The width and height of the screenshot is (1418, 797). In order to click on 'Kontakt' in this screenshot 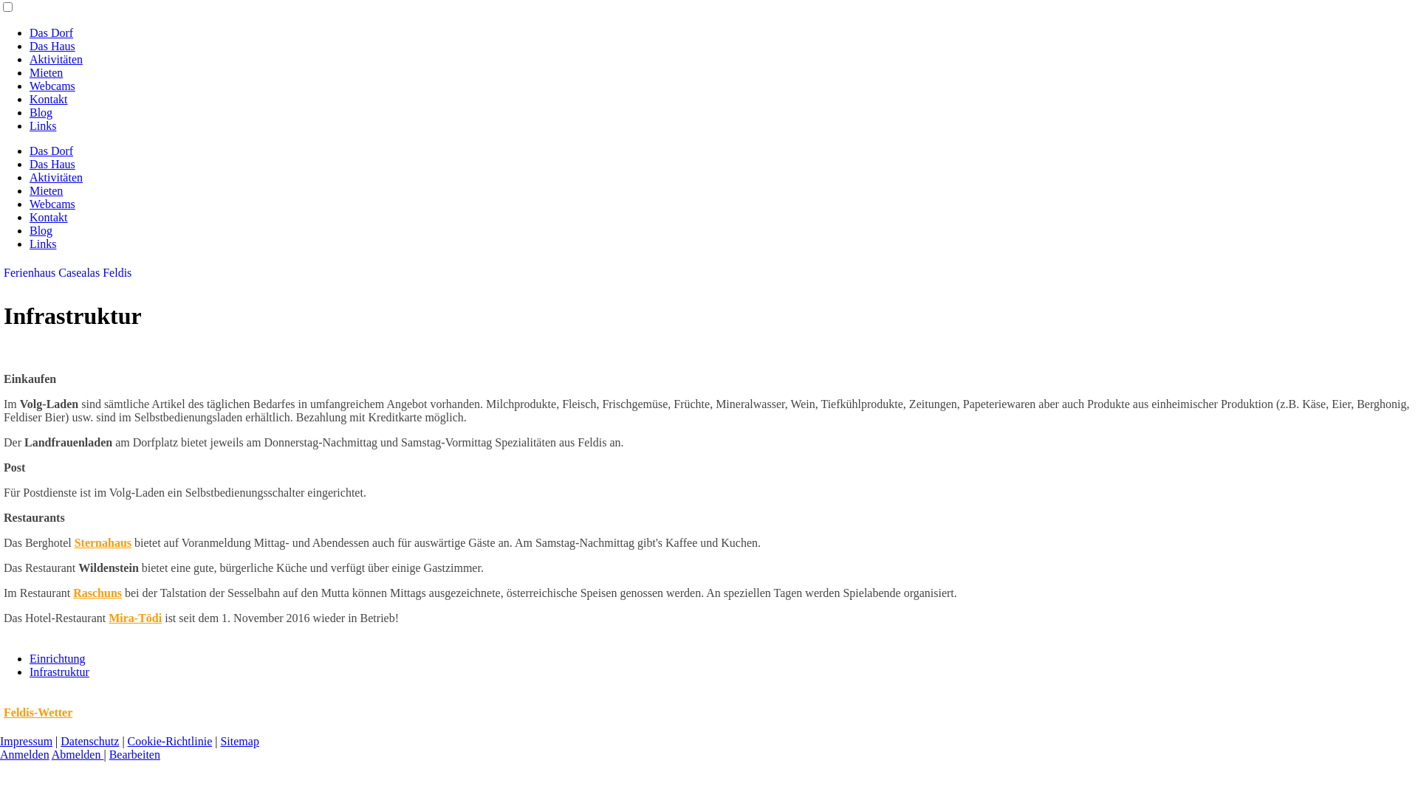, I will do `click(29, 217)`.